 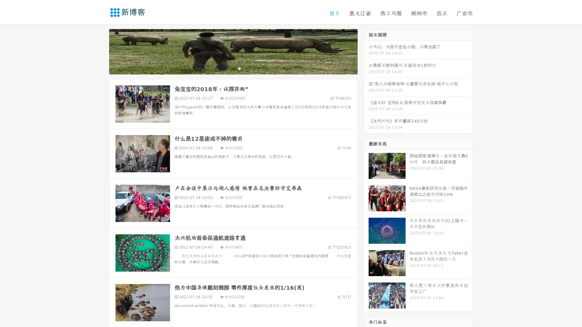 What do you see at coordinates (239, 68) in the screenshot?
I see `Go to slide 3` at bounding box center [239, 68].